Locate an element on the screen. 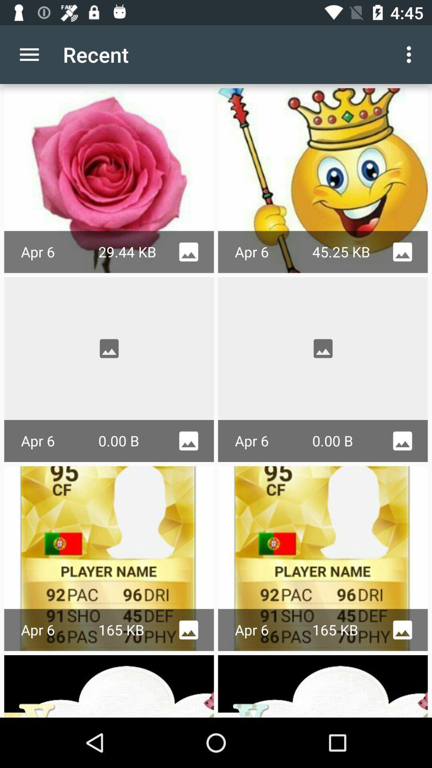 This screenshot has width=432, height=768. second option in third row is located at coordinates (322, 558).